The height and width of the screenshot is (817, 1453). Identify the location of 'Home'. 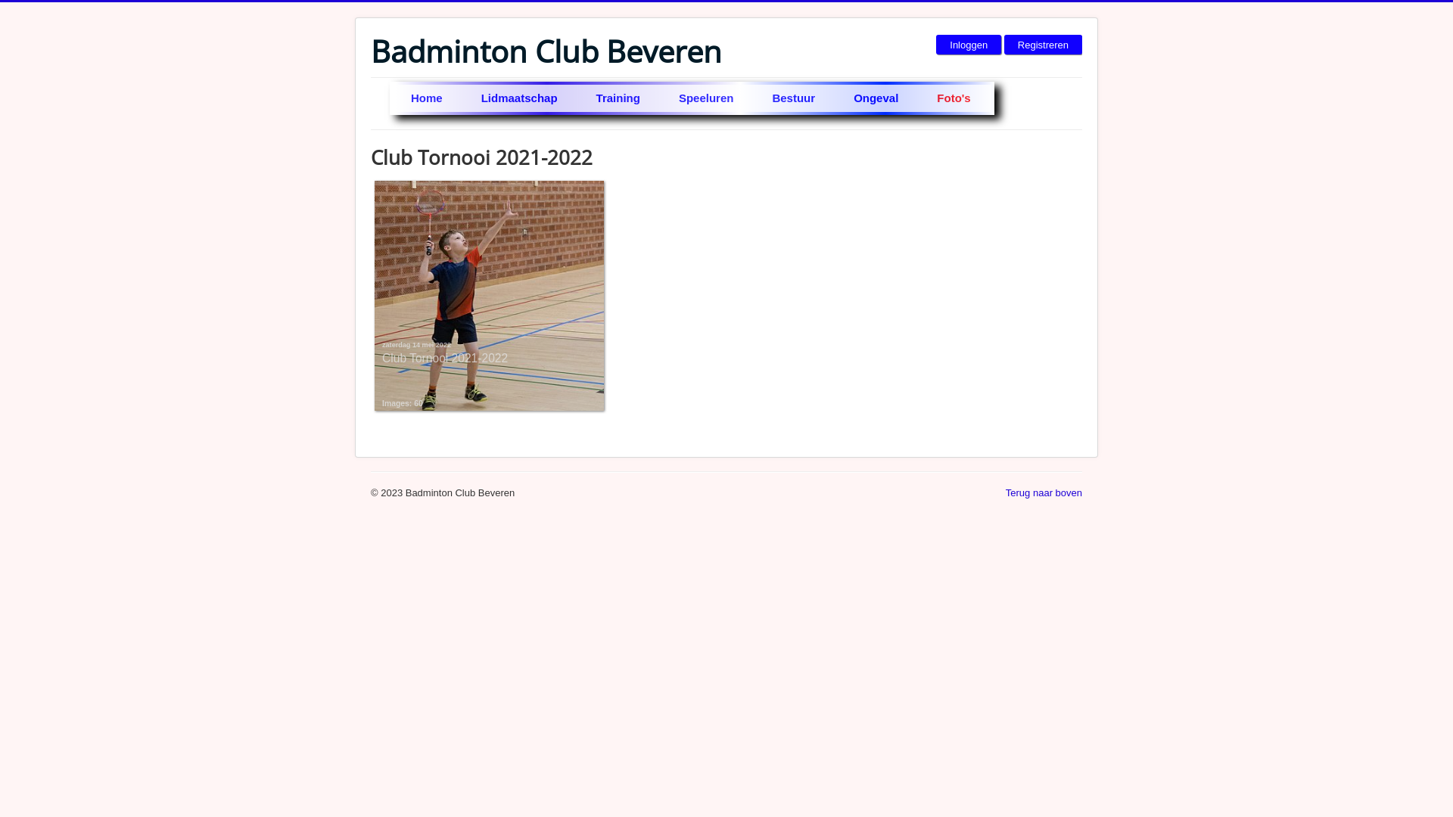
(427, 98).